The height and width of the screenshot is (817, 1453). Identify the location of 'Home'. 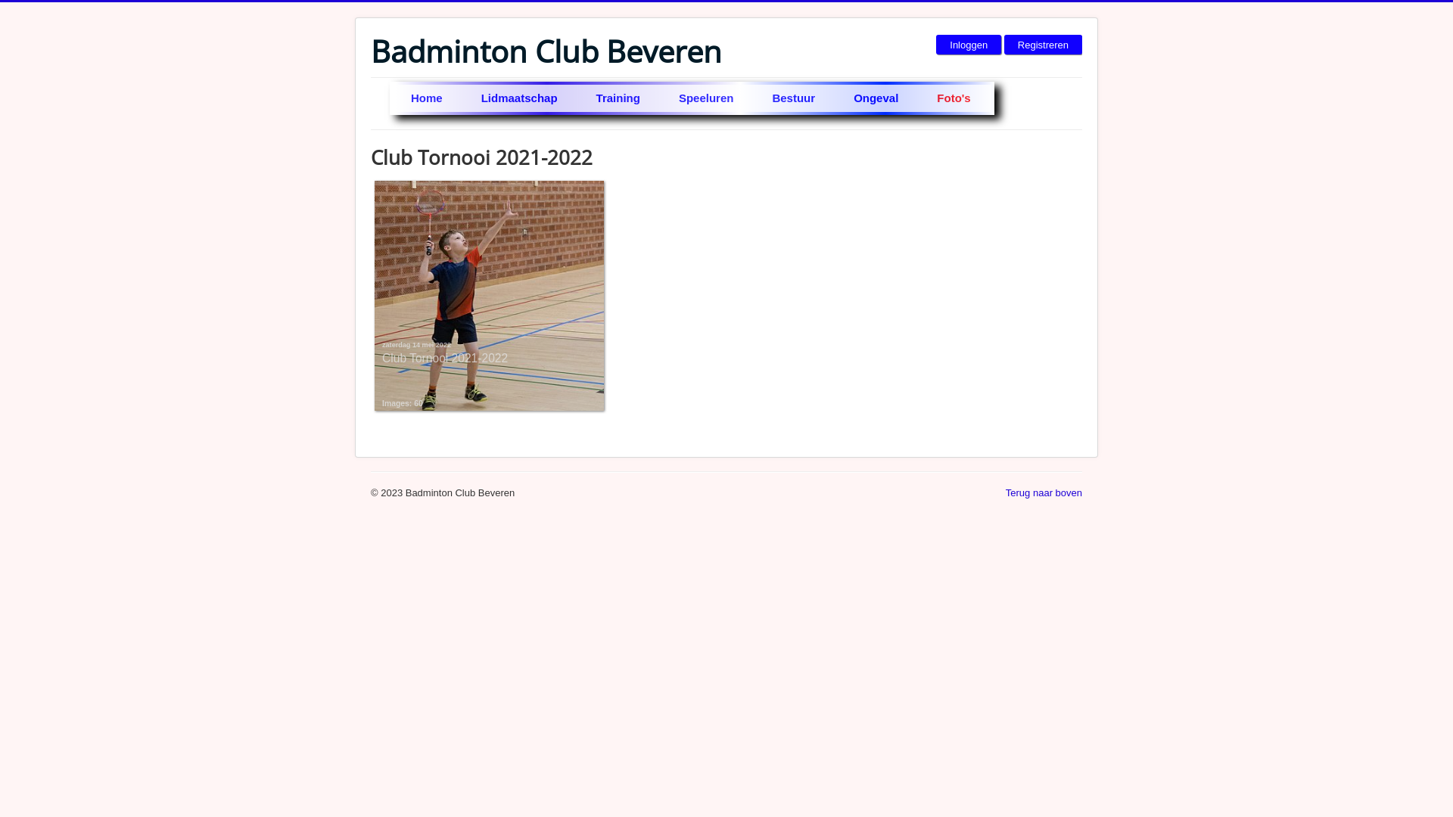
(427, 98).